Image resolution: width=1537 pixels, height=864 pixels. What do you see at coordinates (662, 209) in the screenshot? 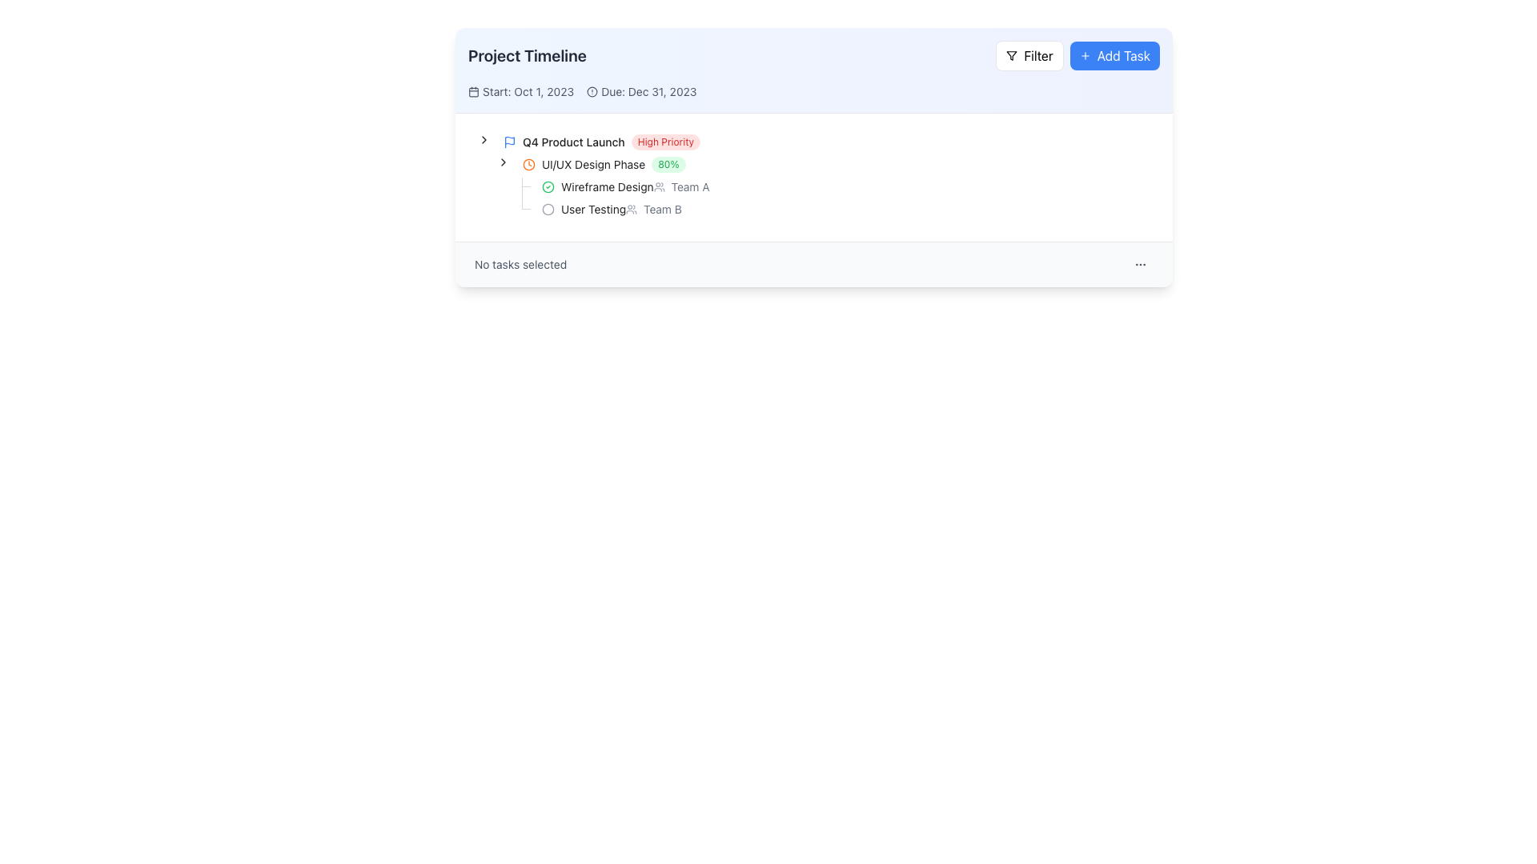
I see `the Text label indicating the team assigned to the 'User Testing' task located near the right side of the project timeline` at bounding box center [662, 209].